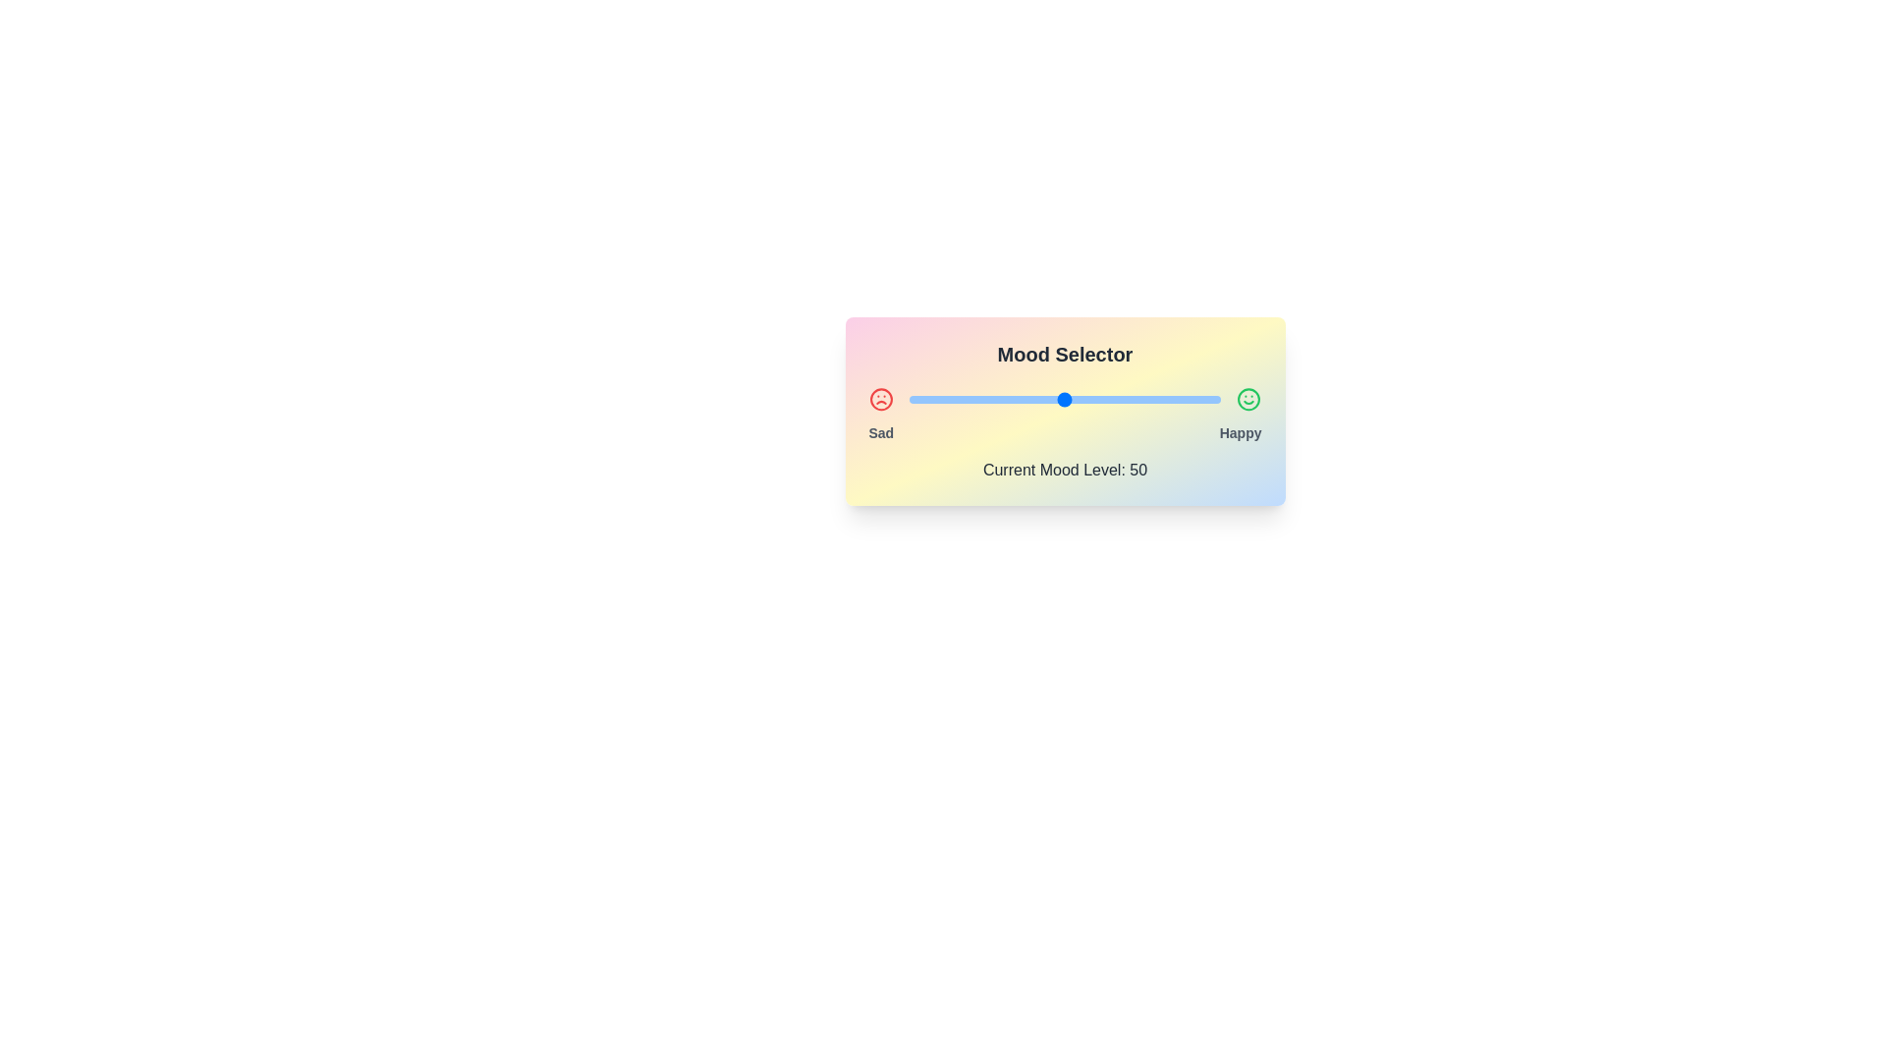 This screenshot has height=1061, width=1886. What do you see at coordinates (1074, 399) in the screenshot?
I see `the mood level to 53 by interacting with the slider` at bounding box center [1074, 399].